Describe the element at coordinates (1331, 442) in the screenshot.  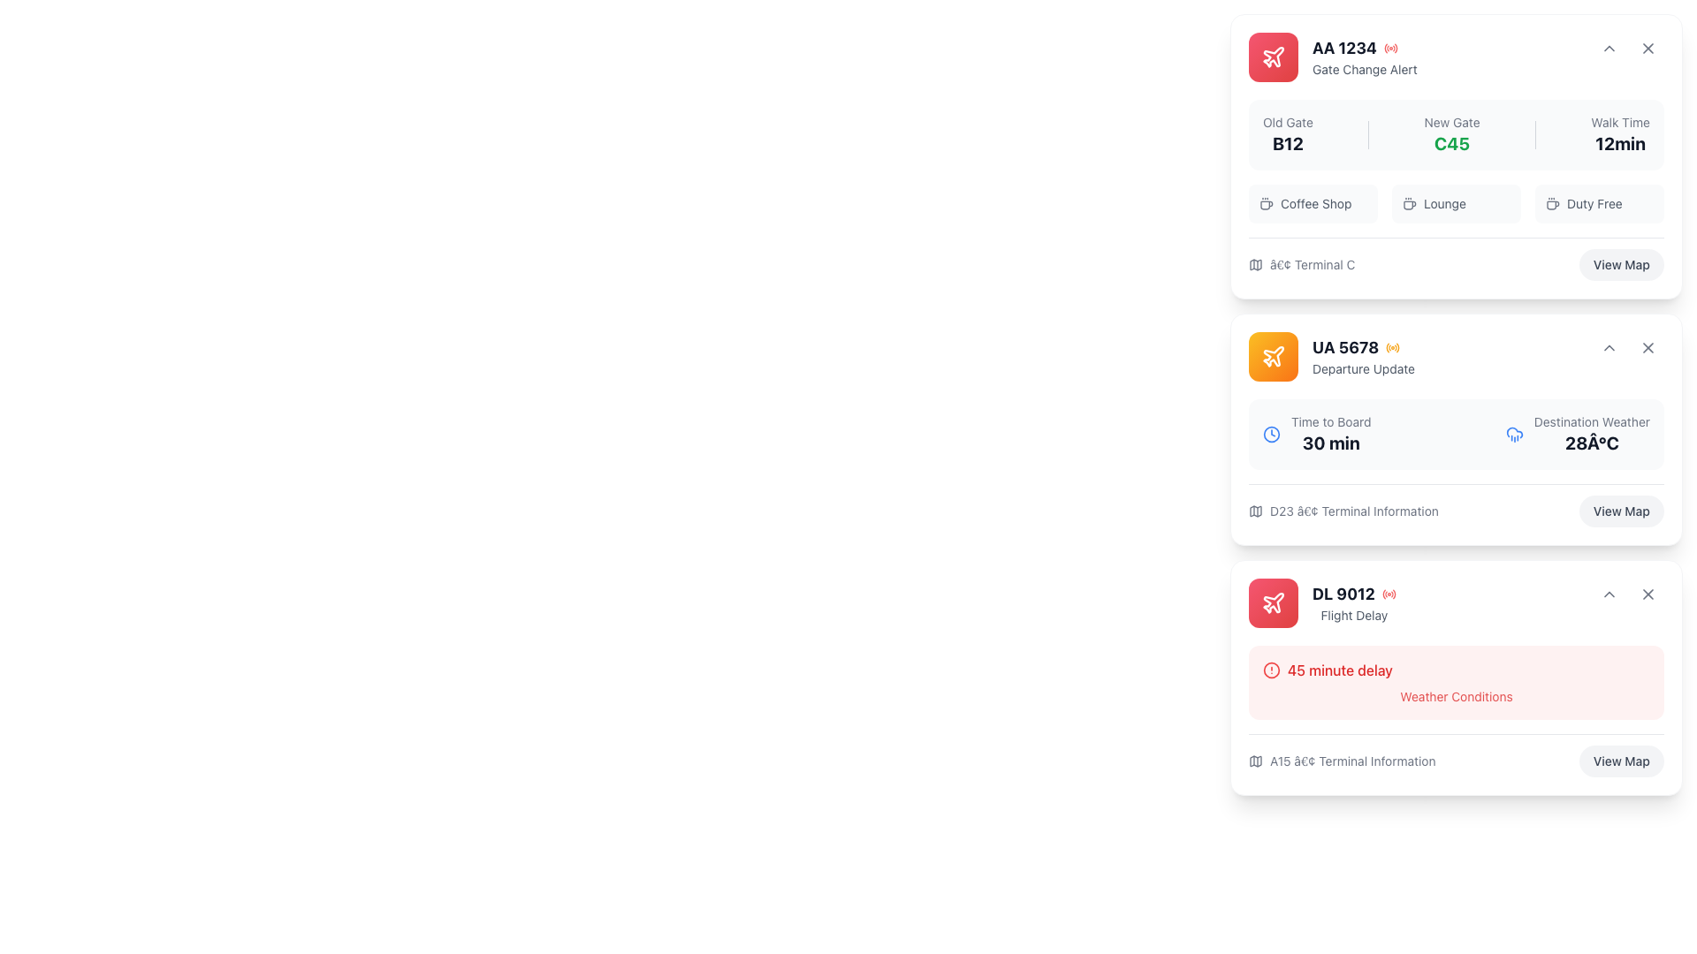
I see `estimated boarding time displayed in the text element located below the 'Time to Board' label for flight UA 5678` at that location.